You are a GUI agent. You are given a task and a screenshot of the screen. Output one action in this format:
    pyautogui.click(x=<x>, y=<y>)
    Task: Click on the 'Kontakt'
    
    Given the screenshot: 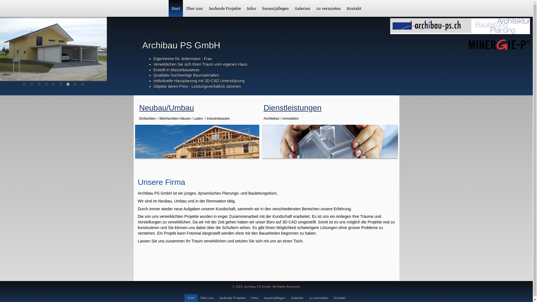 What is the action you would take?
    pyautogui.click(x=354, y=8)
    